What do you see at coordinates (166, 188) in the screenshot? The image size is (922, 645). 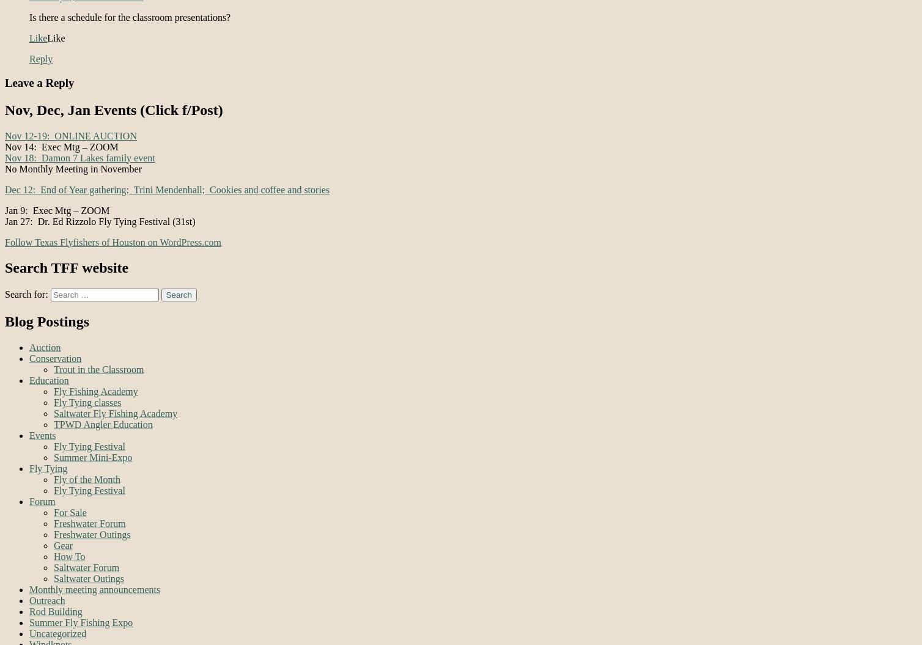 I see `'Dec 12:  End of Year gathering;  Trini Mendenhall;  Cookies and coffee and stories'` at bounding box center [166, 188].